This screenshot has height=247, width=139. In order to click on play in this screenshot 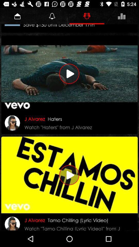, I will do `click(69, 73)`.